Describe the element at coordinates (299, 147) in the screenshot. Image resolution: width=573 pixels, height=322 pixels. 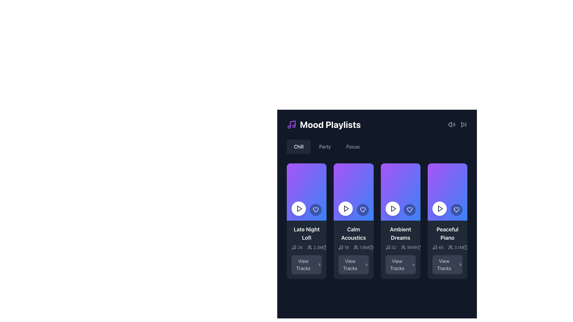
I see `the 'Chill' button, which is a rectangular button with rounded corners and the text 'Chill' in white, located at the upper-left side of the interface` at that location.